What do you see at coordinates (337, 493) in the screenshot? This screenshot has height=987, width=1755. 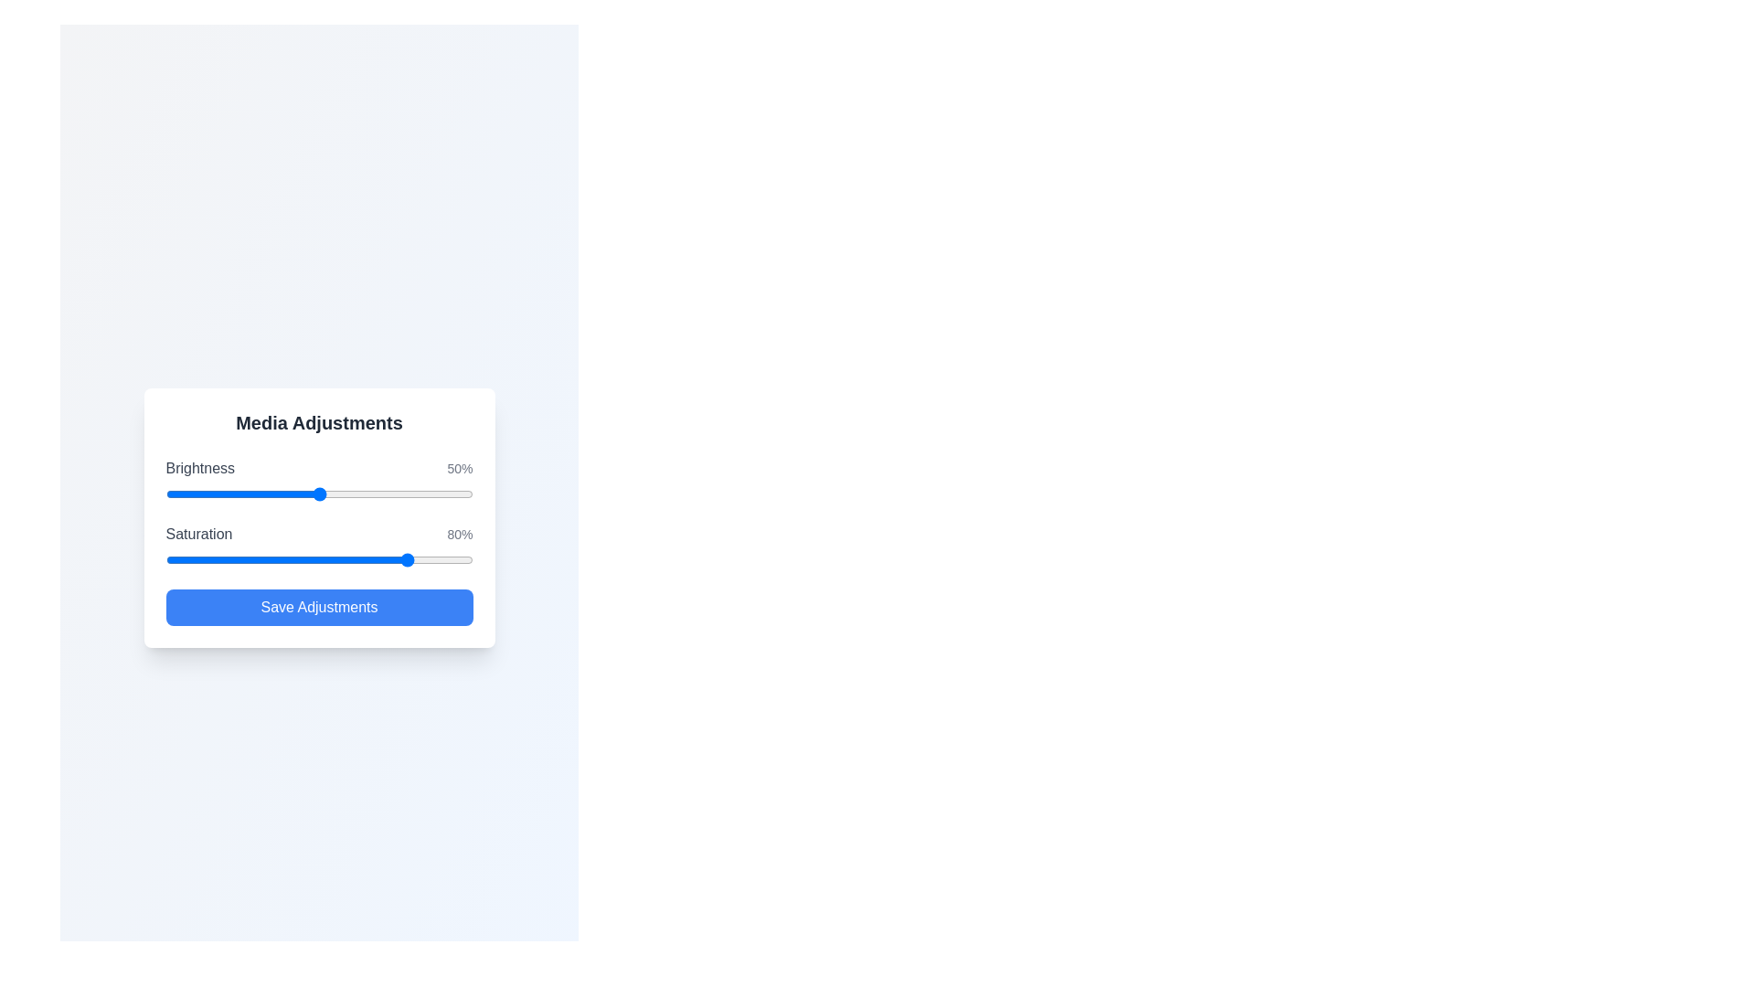 I see `the brightness slider to 56%` at bounding box center [337, 493].